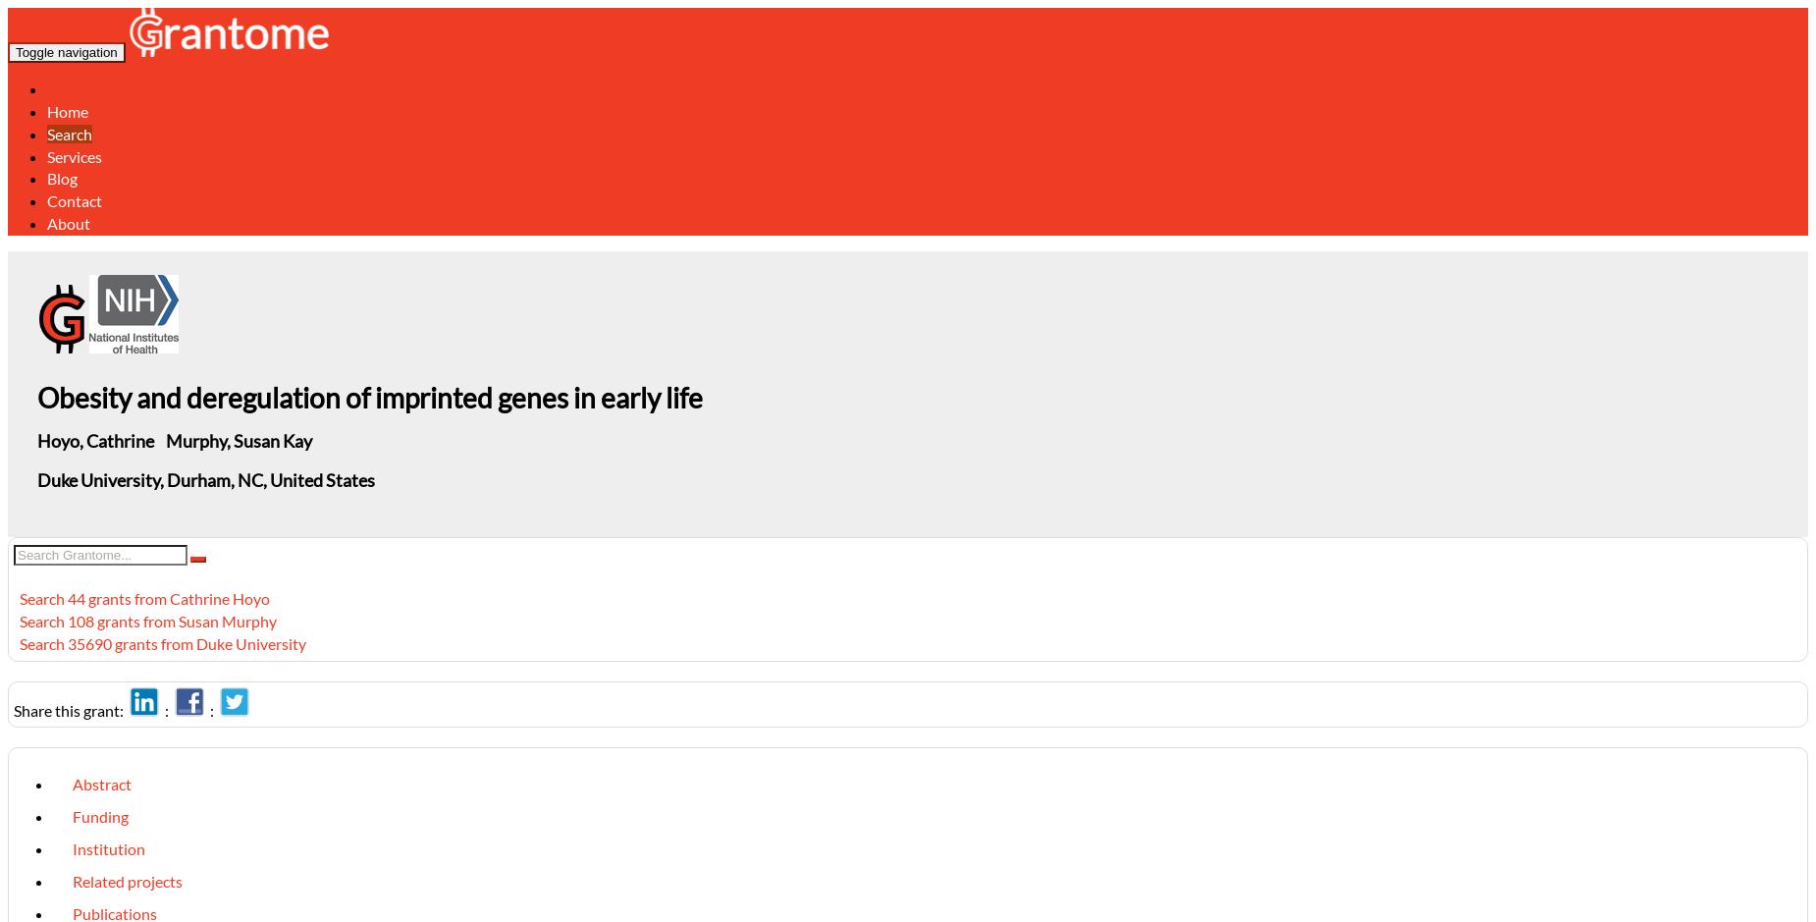  Describe the element at coordinates (127, 881) in the screenshot. I see `'Related projects'` at that location.